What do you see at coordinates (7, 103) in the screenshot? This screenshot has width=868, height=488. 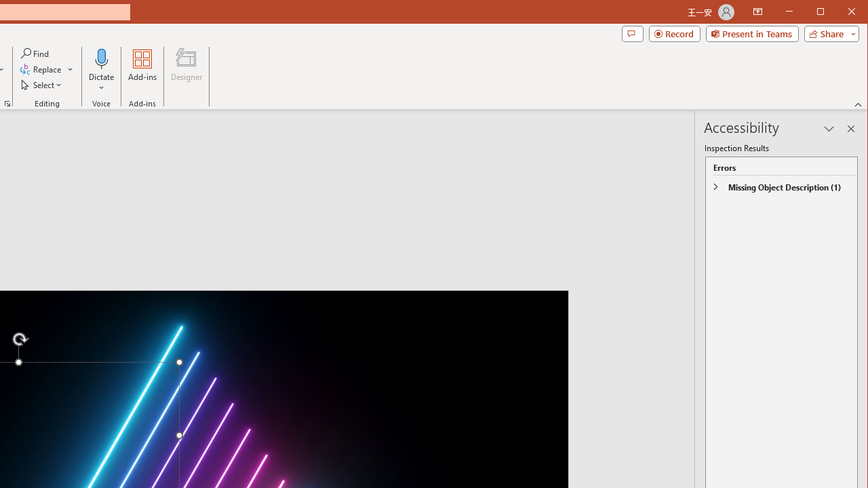 I see `'Format Object...'` at bounding box center [7, 103].